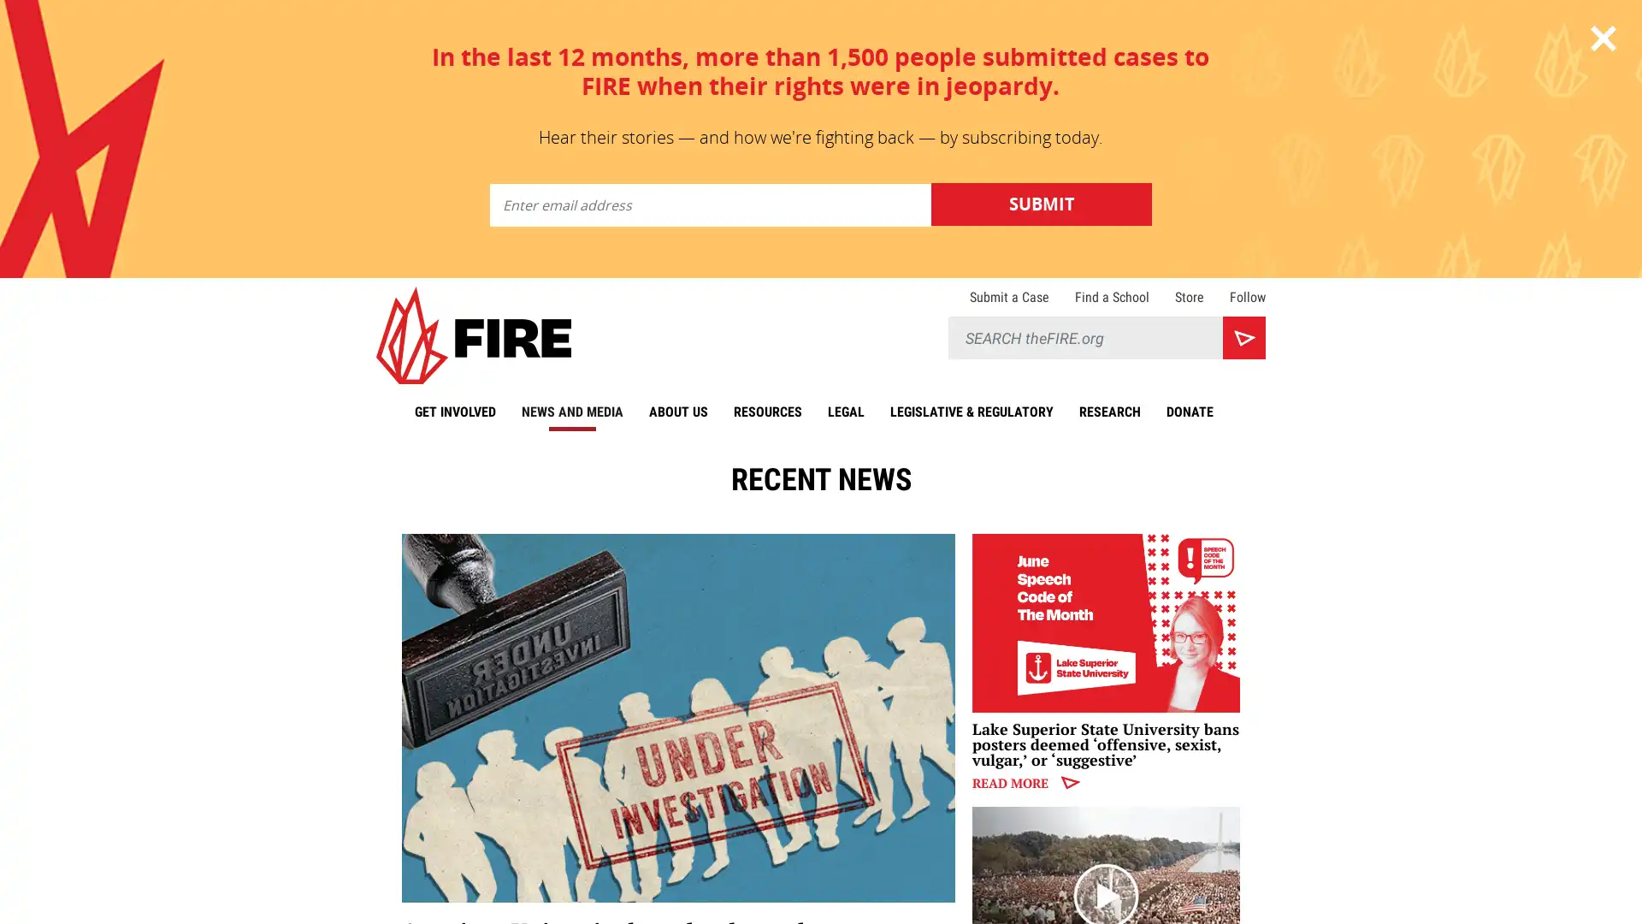 The height and width of the screenshot is (924, 1642). What do you see at coordinates (1243, 337) in the screenshot?
I see `Search` at bounding box center [1243, 337].